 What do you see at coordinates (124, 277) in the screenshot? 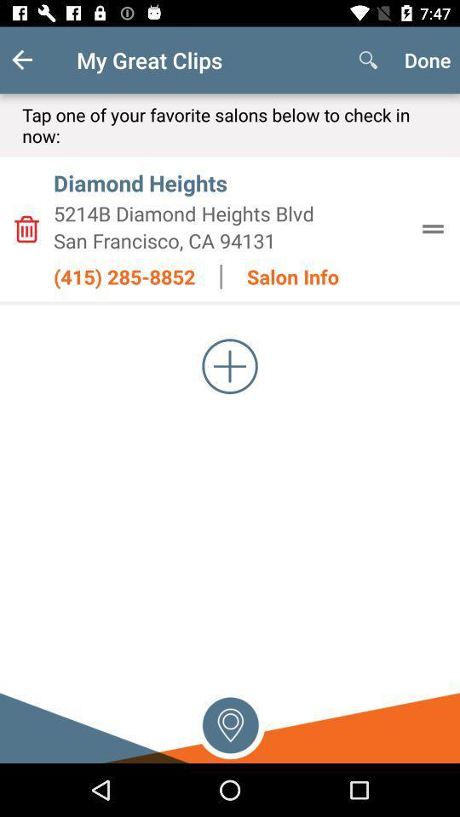
I see `the icon below san francisco ca item` at bounding box center [124, 277].